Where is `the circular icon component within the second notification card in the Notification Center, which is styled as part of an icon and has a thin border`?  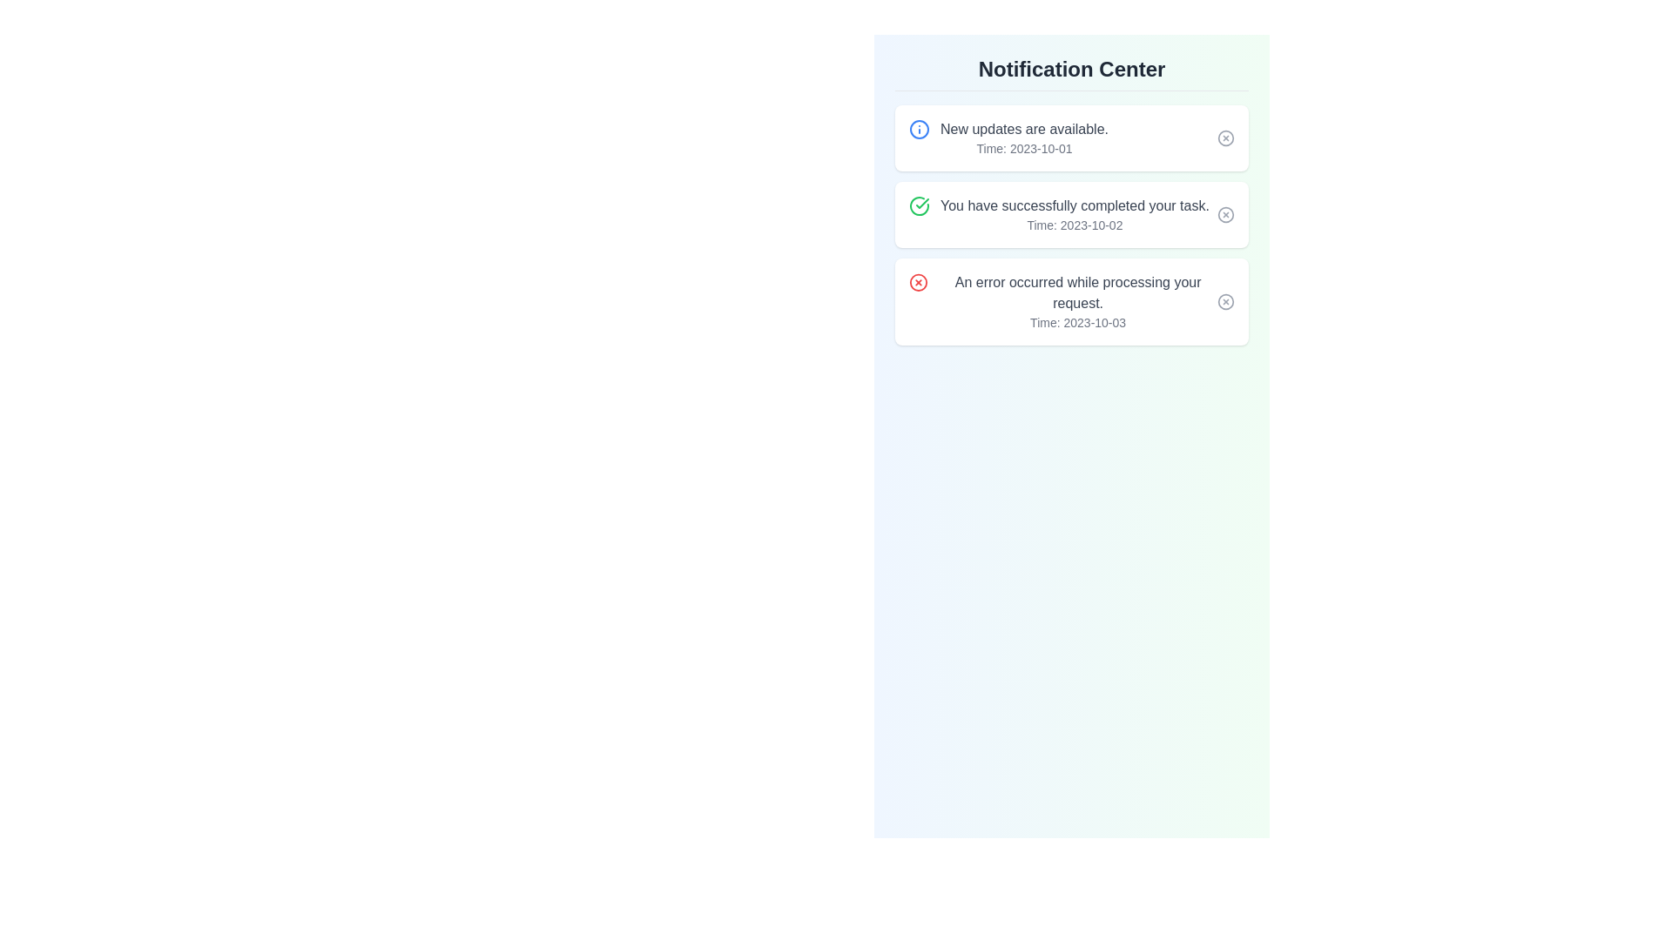
the circular icon component within the second notification card in the Notification Center, which is styled as part of an icon and has a thin border is located at coordinates (1224, 213).